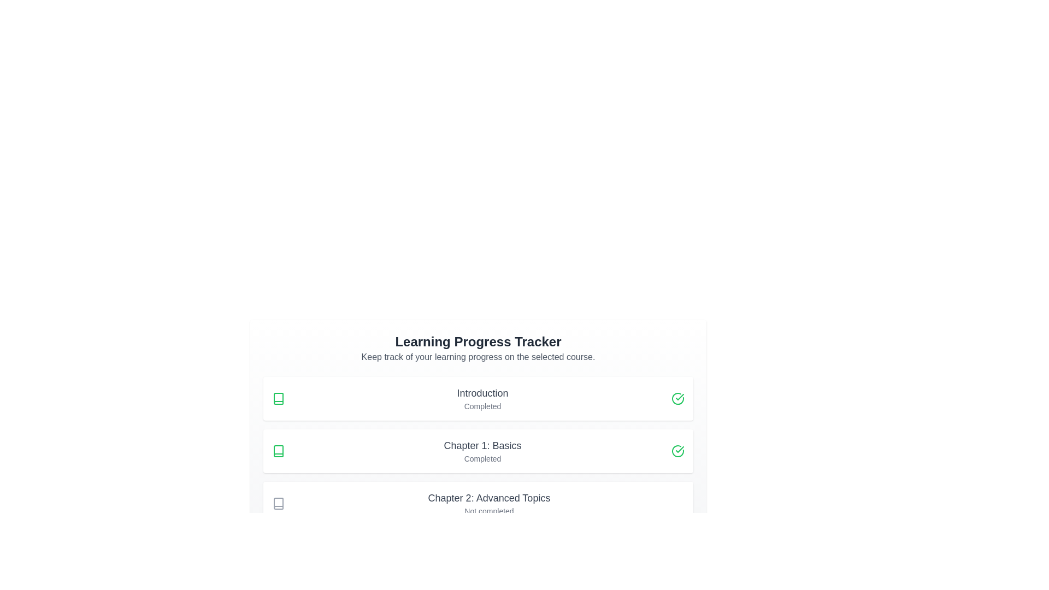  Describe the element at coordinates (478, 410) in the screenshot. I see `the first Card item` at that location.